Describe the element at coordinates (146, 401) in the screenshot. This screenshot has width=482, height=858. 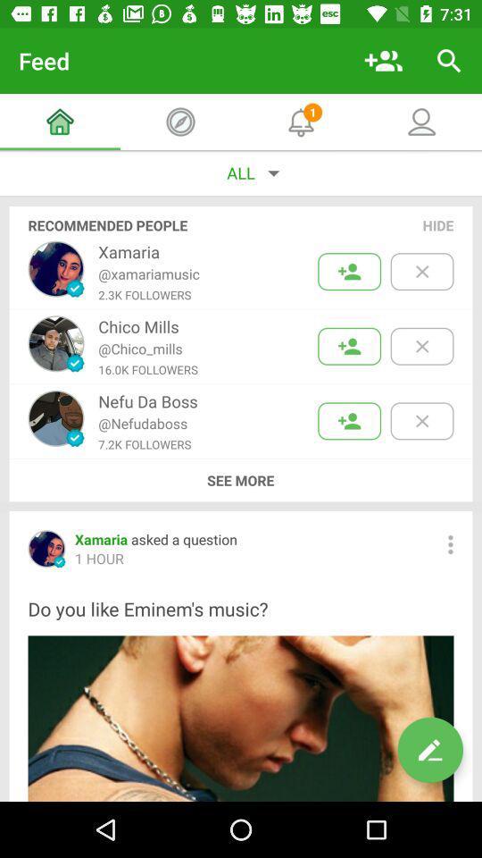
I see `the nefu da boss item` at that location.